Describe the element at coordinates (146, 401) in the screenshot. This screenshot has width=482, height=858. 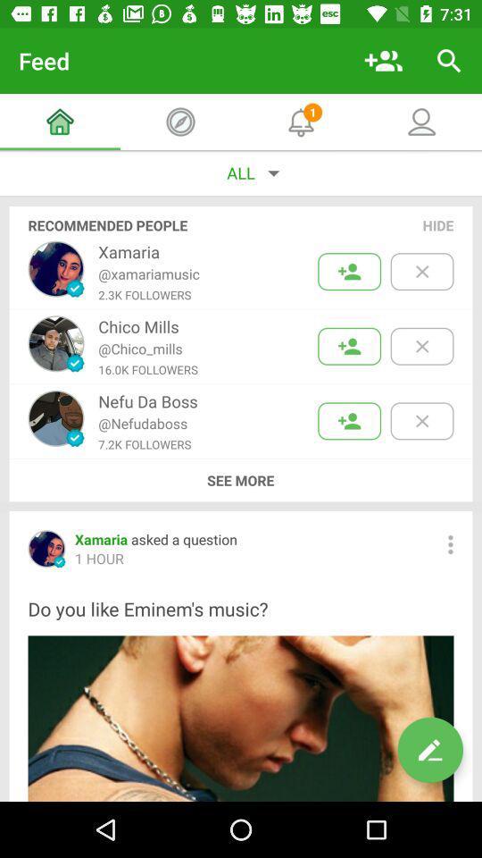
I see `the nefu da boss item` at that location.